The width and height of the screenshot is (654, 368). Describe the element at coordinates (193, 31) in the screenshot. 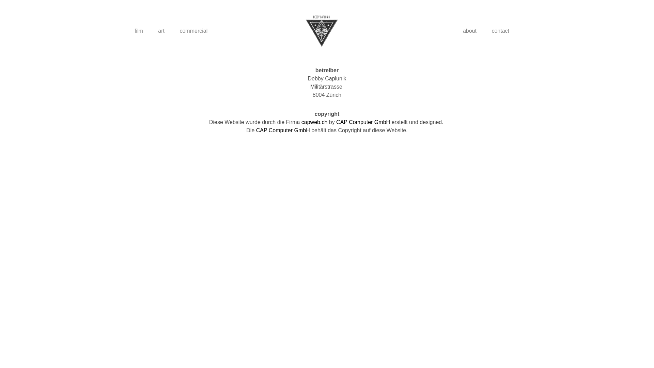

I see `'commercial'` at that location.